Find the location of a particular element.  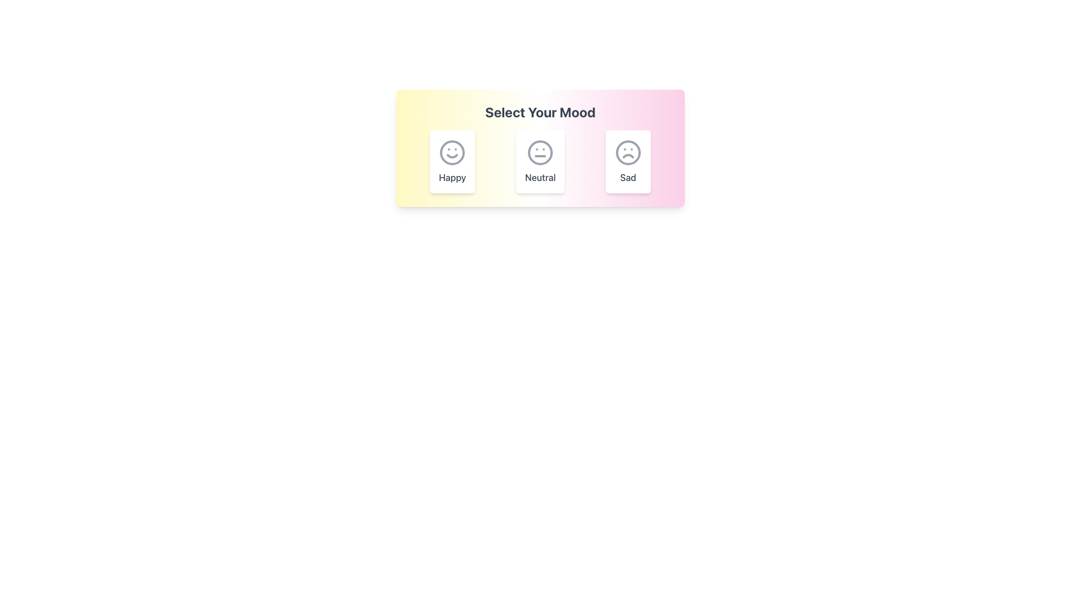

the highlighted 'Neutral' mood option in the Selection option group, which is centrally located and displays a white background with a matching icon and label is located at coordinates (540, 161).